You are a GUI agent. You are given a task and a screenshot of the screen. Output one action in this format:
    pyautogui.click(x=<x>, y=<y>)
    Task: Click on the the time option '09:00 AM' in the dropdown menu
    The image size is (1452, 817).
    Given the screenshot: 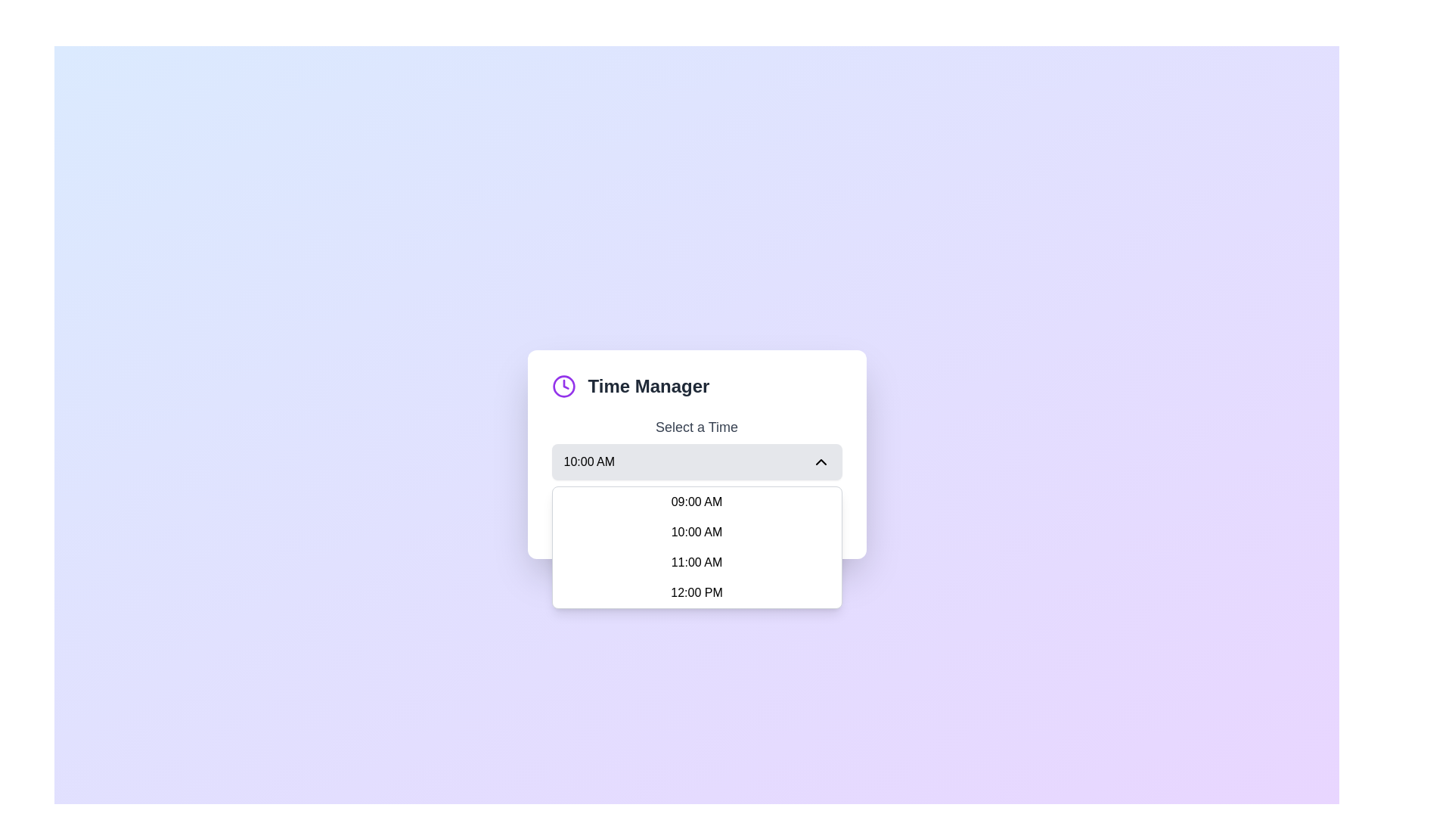 What is the action you would take?
    pyautogui.click(x=696, y=502)
    